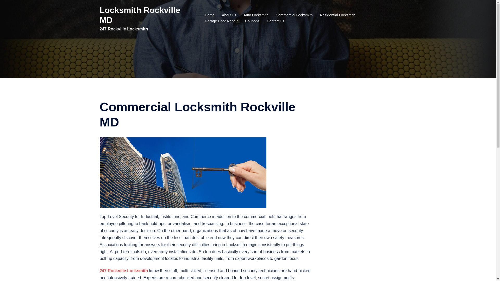 The width and height of the screenshot is (500, 281). I want to click on 'Commercial Locksmith', so click(294, 15).